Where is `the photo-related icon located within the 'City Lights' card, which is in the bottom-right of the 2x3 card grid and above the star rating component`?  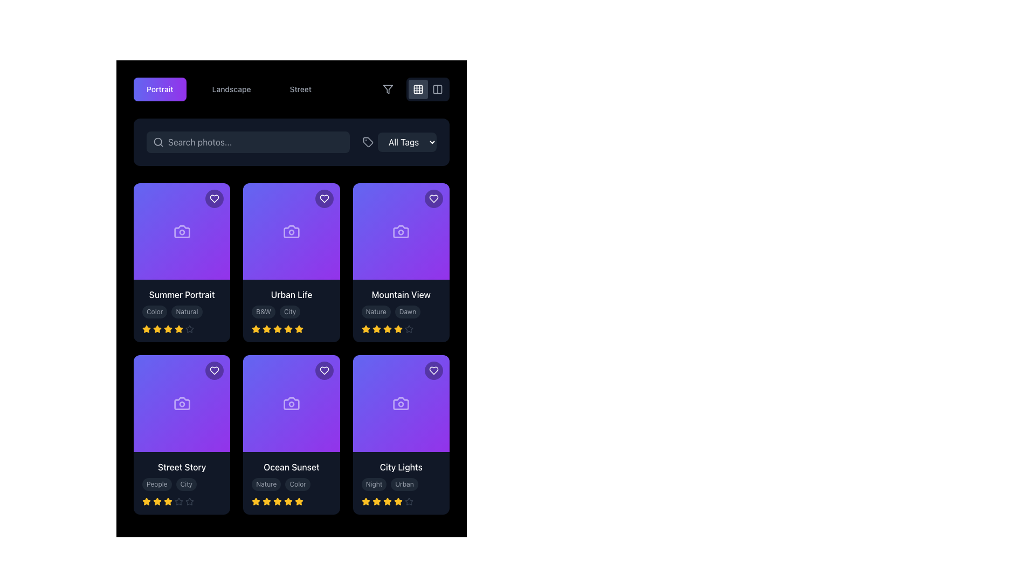
the photo-related icon located within the 'City Lights' card, which is in the bottom-right of the 2x3 card grid and above the star rating component is located at coordinates (401, 403).